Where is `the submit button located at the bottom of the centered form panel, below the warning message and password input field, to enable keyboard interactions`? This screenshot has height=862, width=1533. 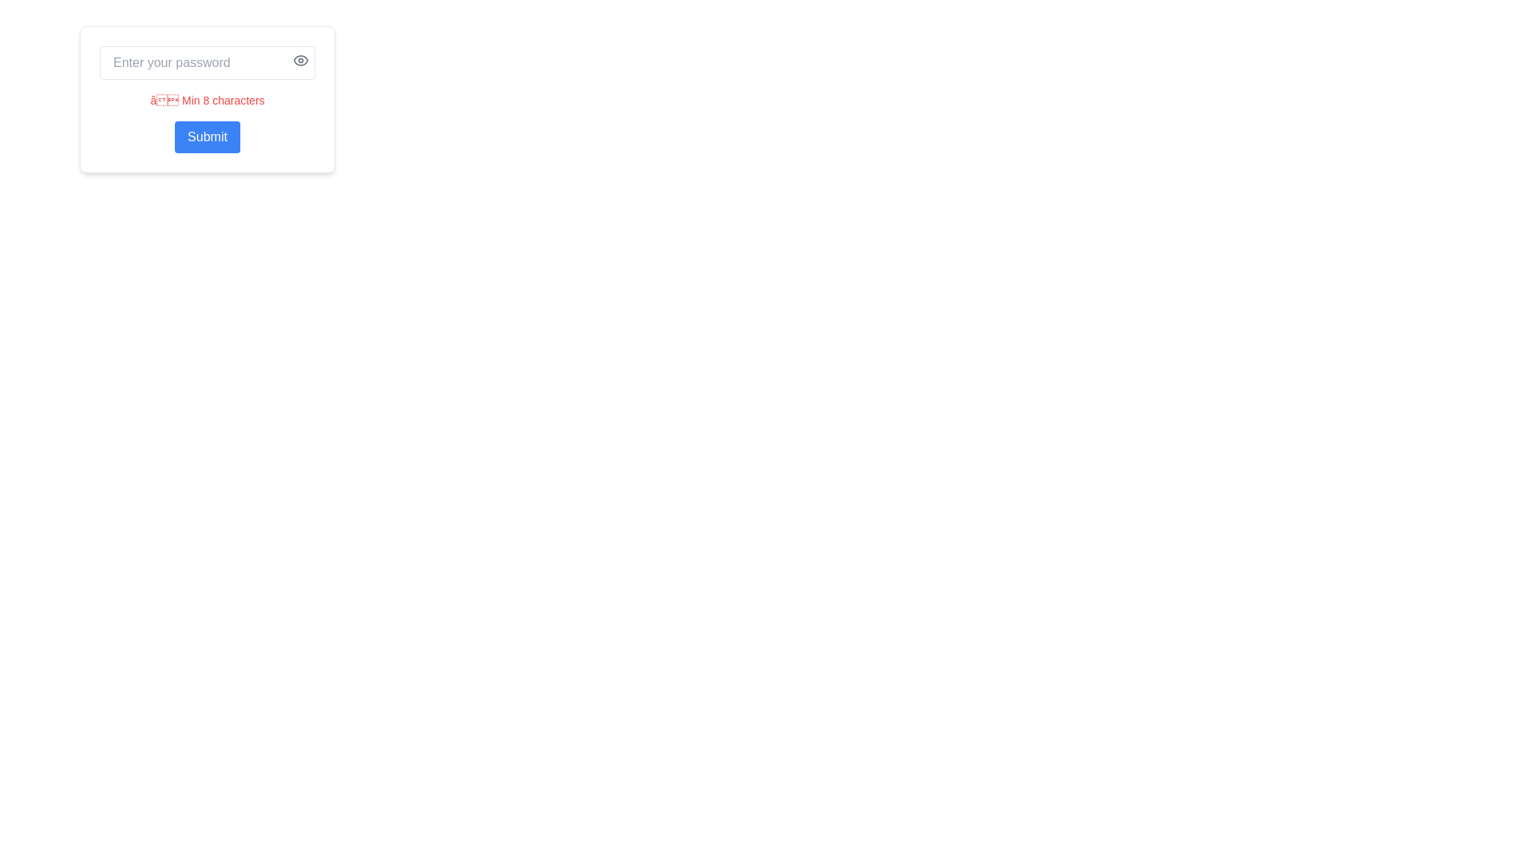
the submit button located at the bottom of the centered form panel, below the warning message and password input field, to enable keyboard interactions is located at coordinates (206, 136).